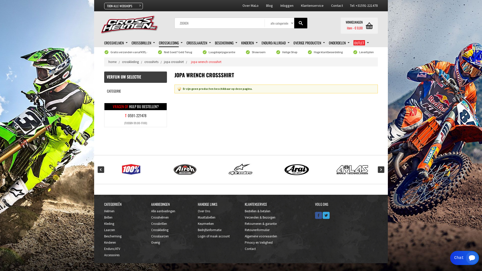  What do you see at coordinates (142, 61) in the screenshot?
I see `'crossshirts'` at bounding box center [142, 61].